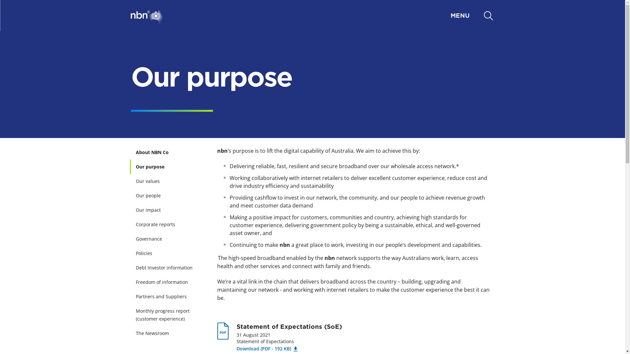 The height and width of the screenshot is (354, 630). I want to click on 'About NBN Co', so click(168, 152).